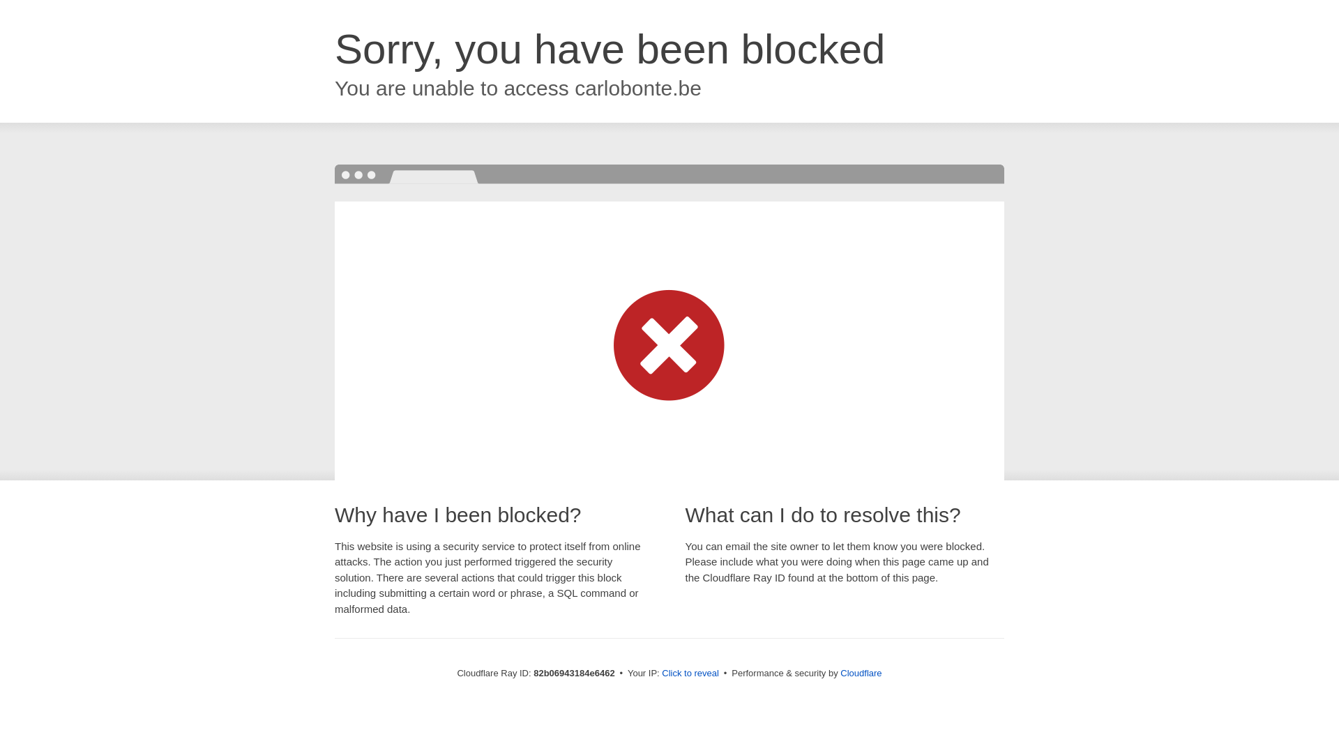  What do you see at coordinates (690, 672) in the screenshot?
I see `'Click to reveal'` at bounding box center [690, 672].